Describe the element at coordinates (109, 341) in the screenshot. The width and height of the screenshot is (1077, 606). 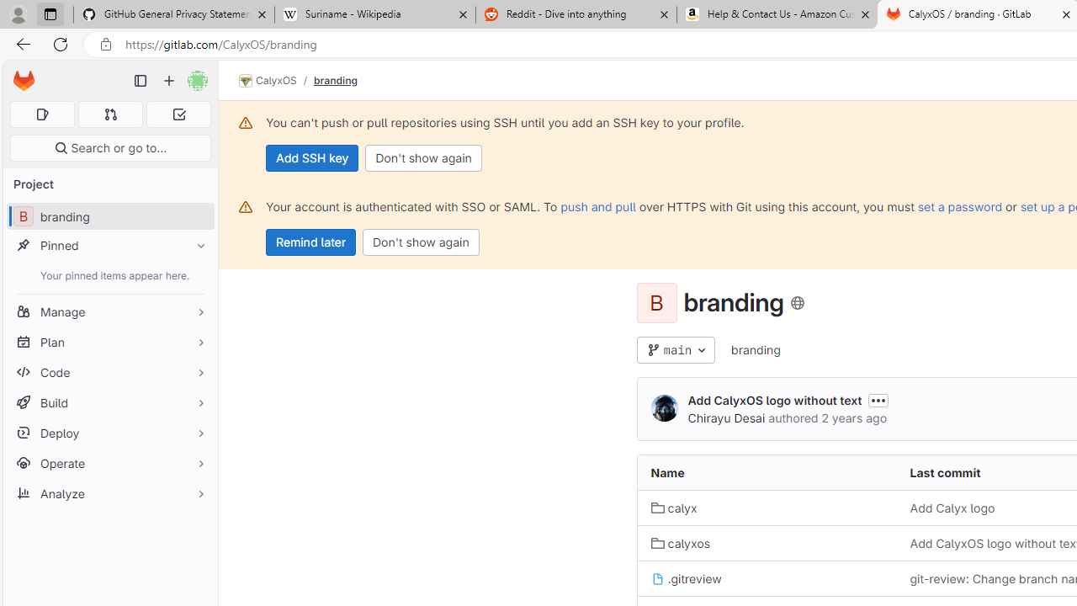
I see `'Plan'` at that location.